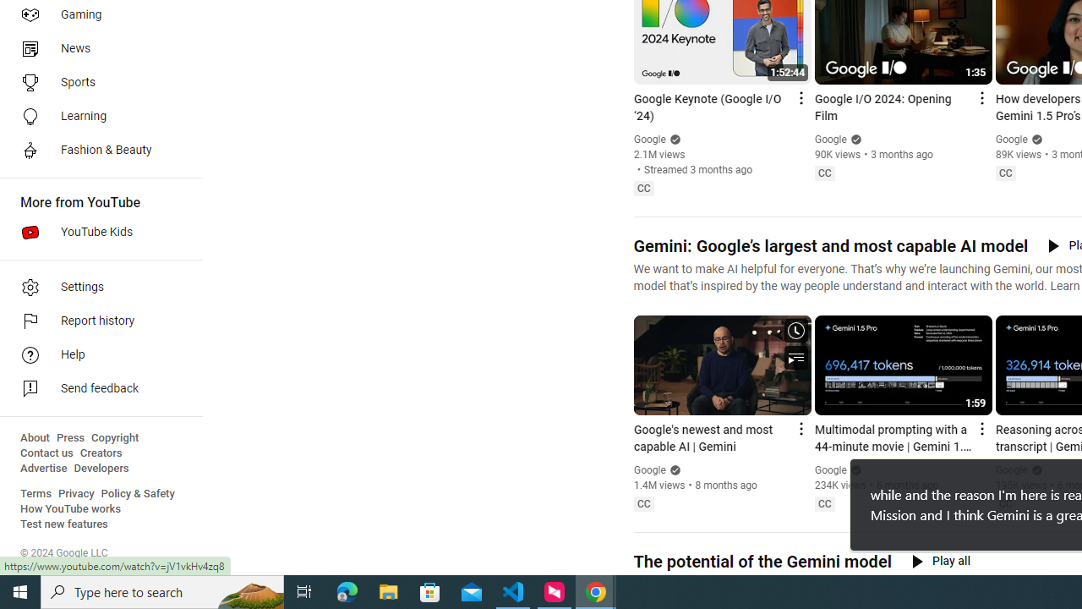  I want to click on 'Advertise', so click(43, 469).